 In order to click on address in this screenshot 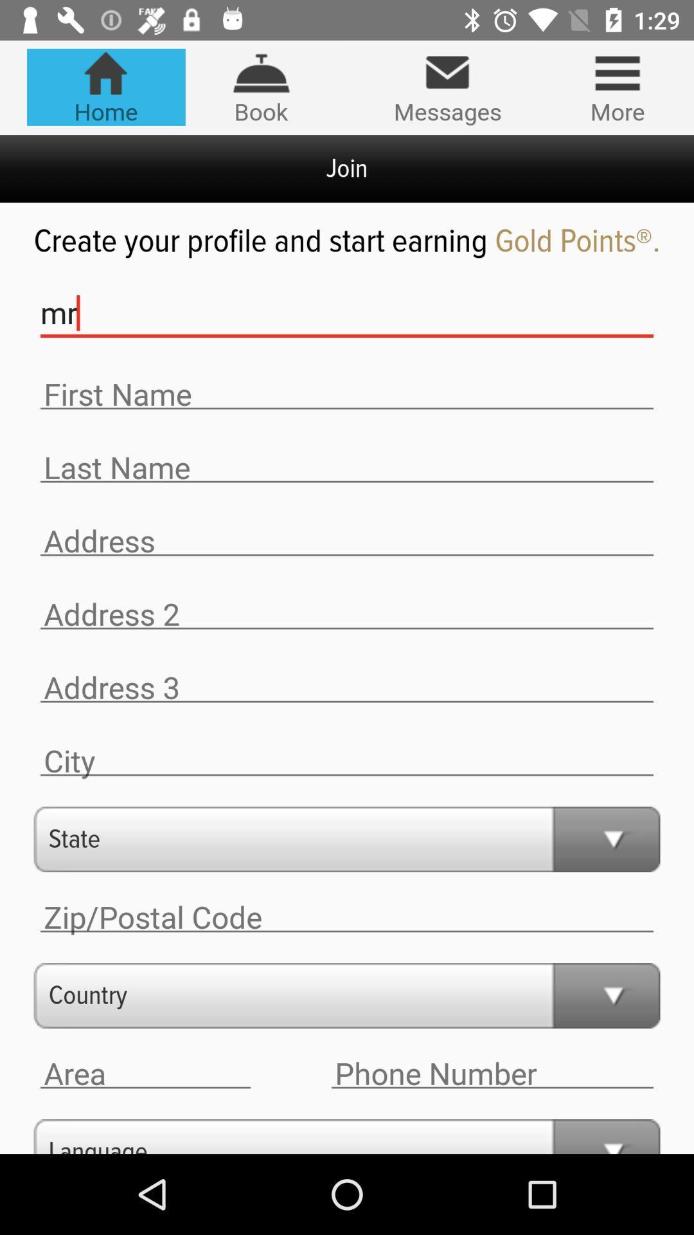, I will do `click(347, 614)`.